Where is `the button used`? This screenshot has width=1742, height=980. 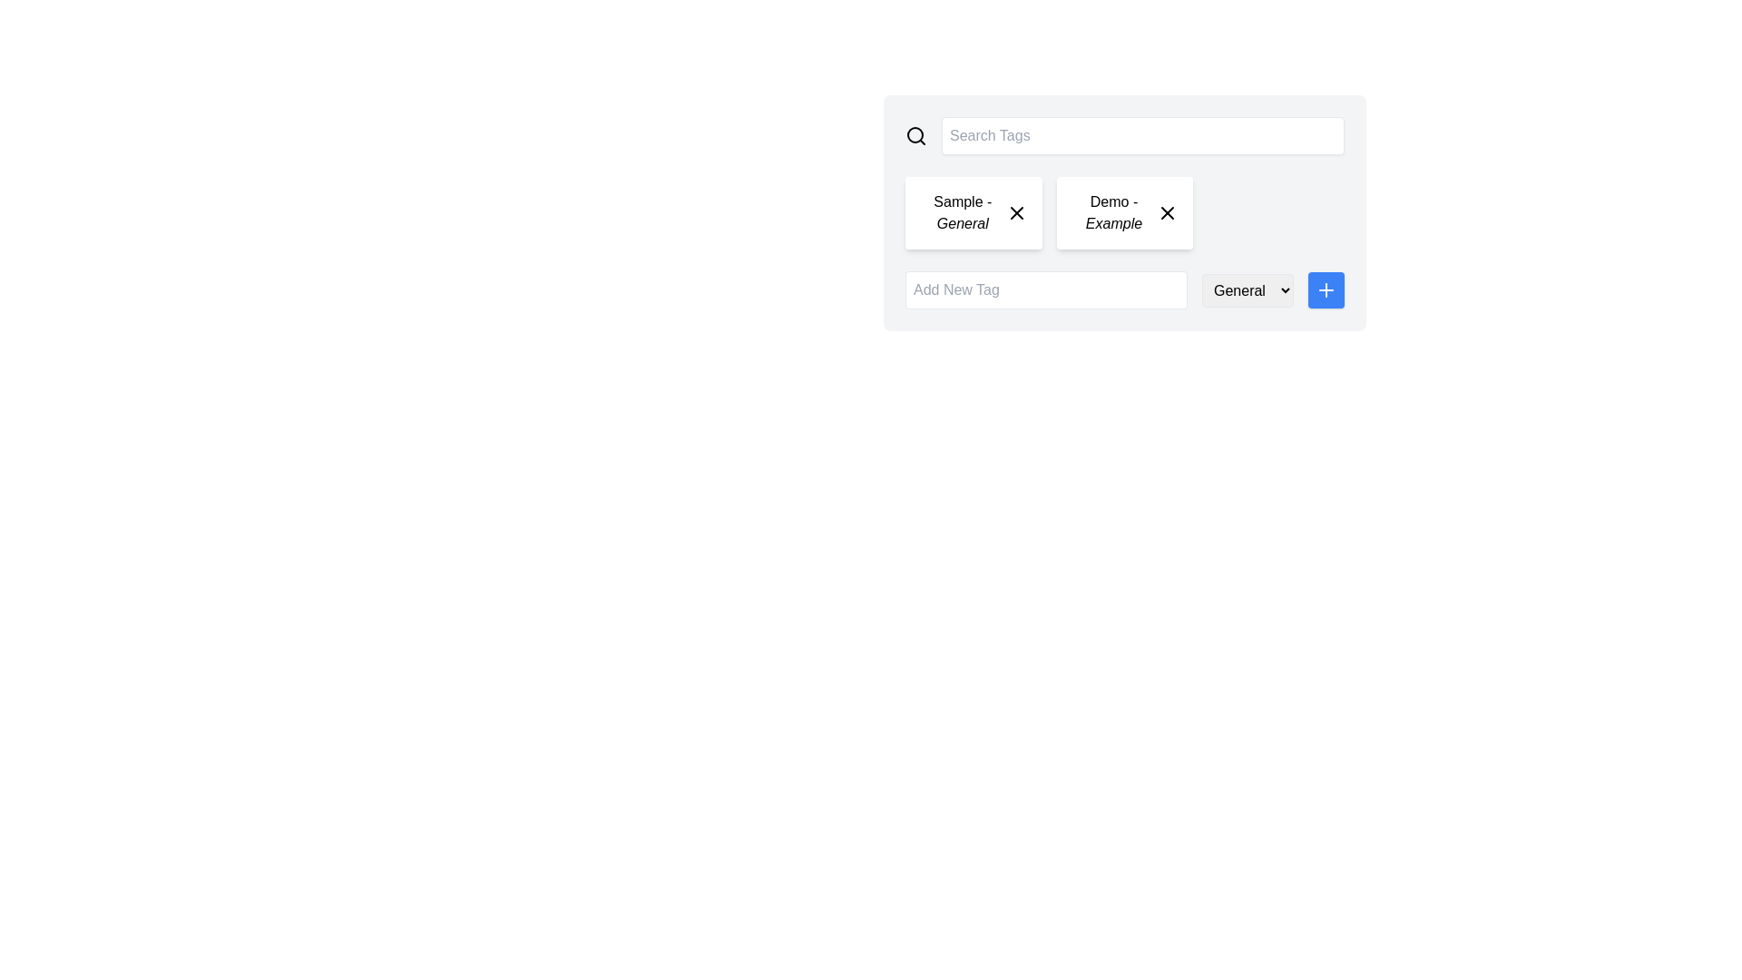 the button used is located at coordinates (1326, 289).